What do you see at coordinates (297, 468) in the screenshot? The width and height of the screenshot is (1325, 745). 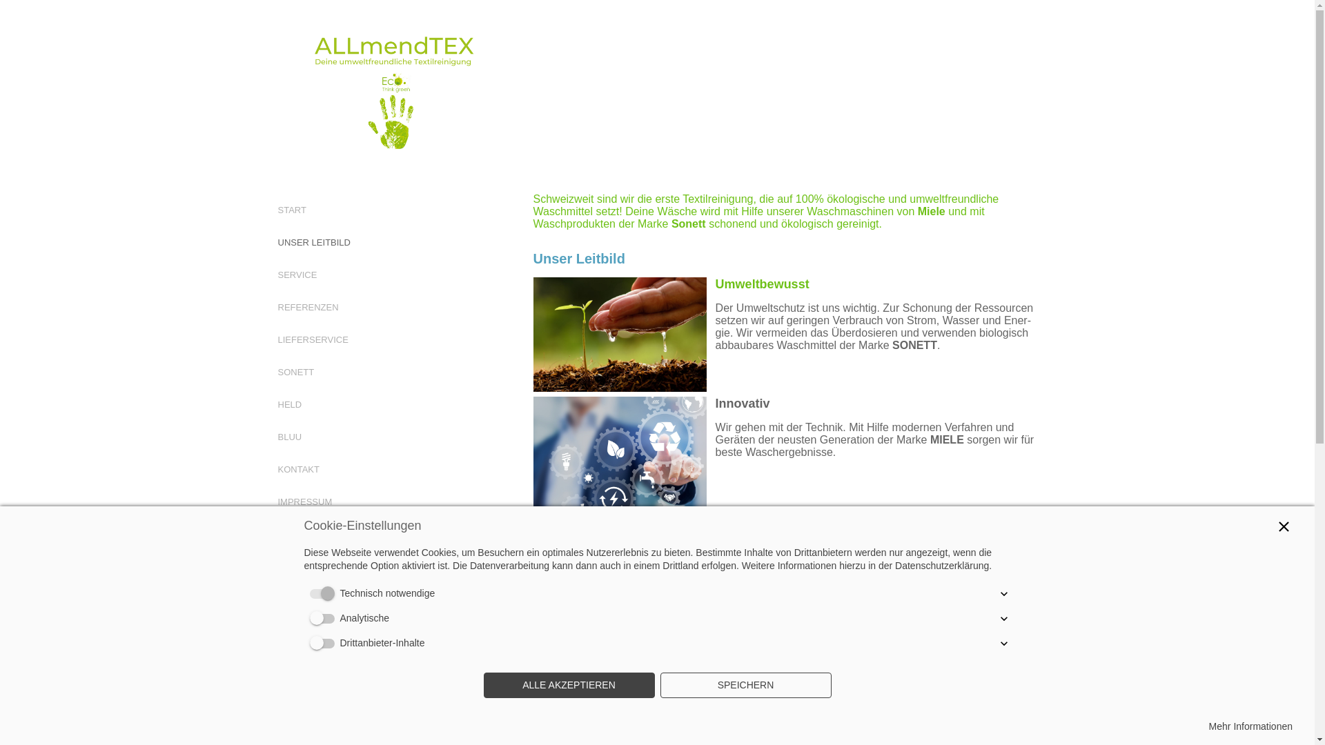 I see `'KONTAKT'` at bounding box center [297, 468].